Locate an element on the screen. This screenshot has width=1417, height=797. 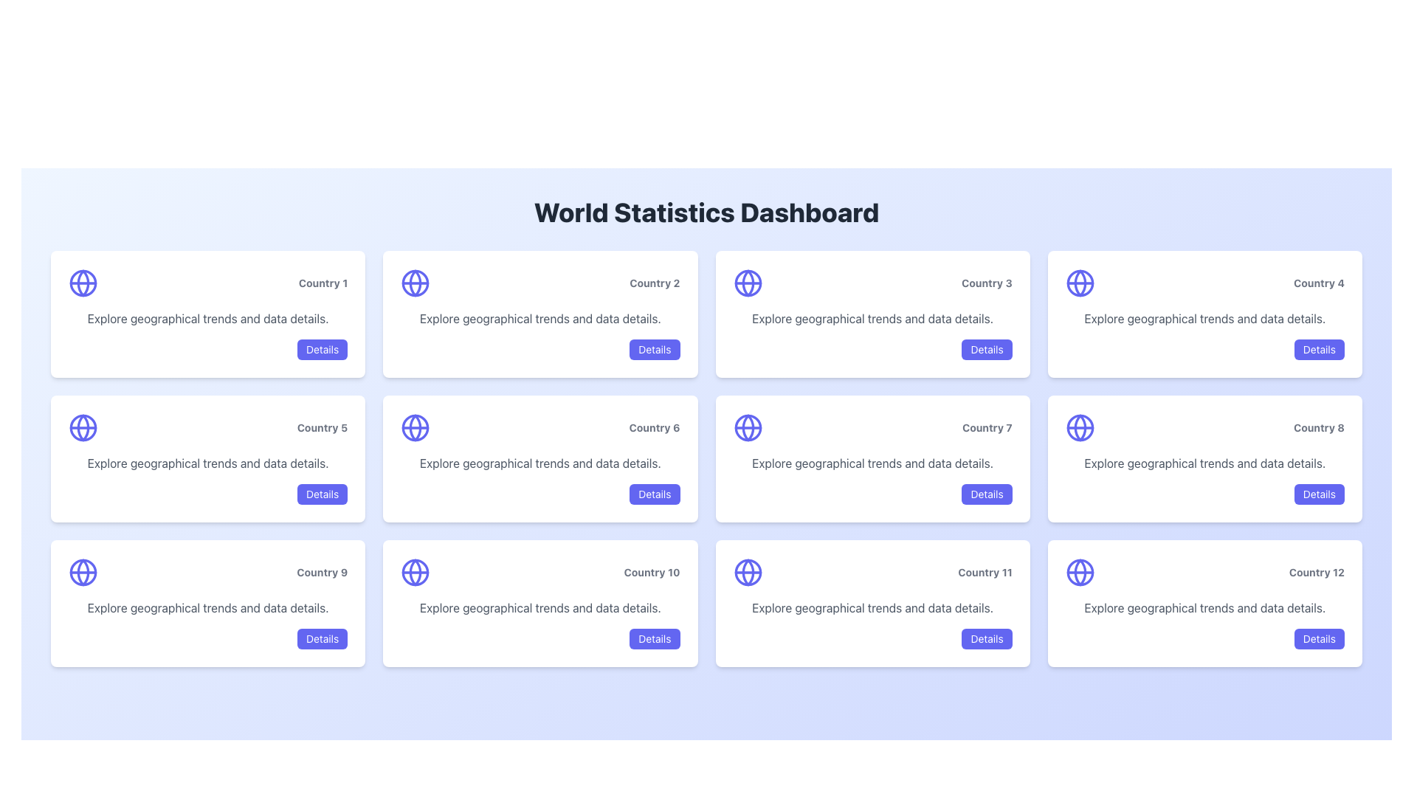
the 'Details' button, which is a rectangular button with white text on a blue background, located as the sixth button from the left in the fourth row of a grid is located at coordinates (987, 638).